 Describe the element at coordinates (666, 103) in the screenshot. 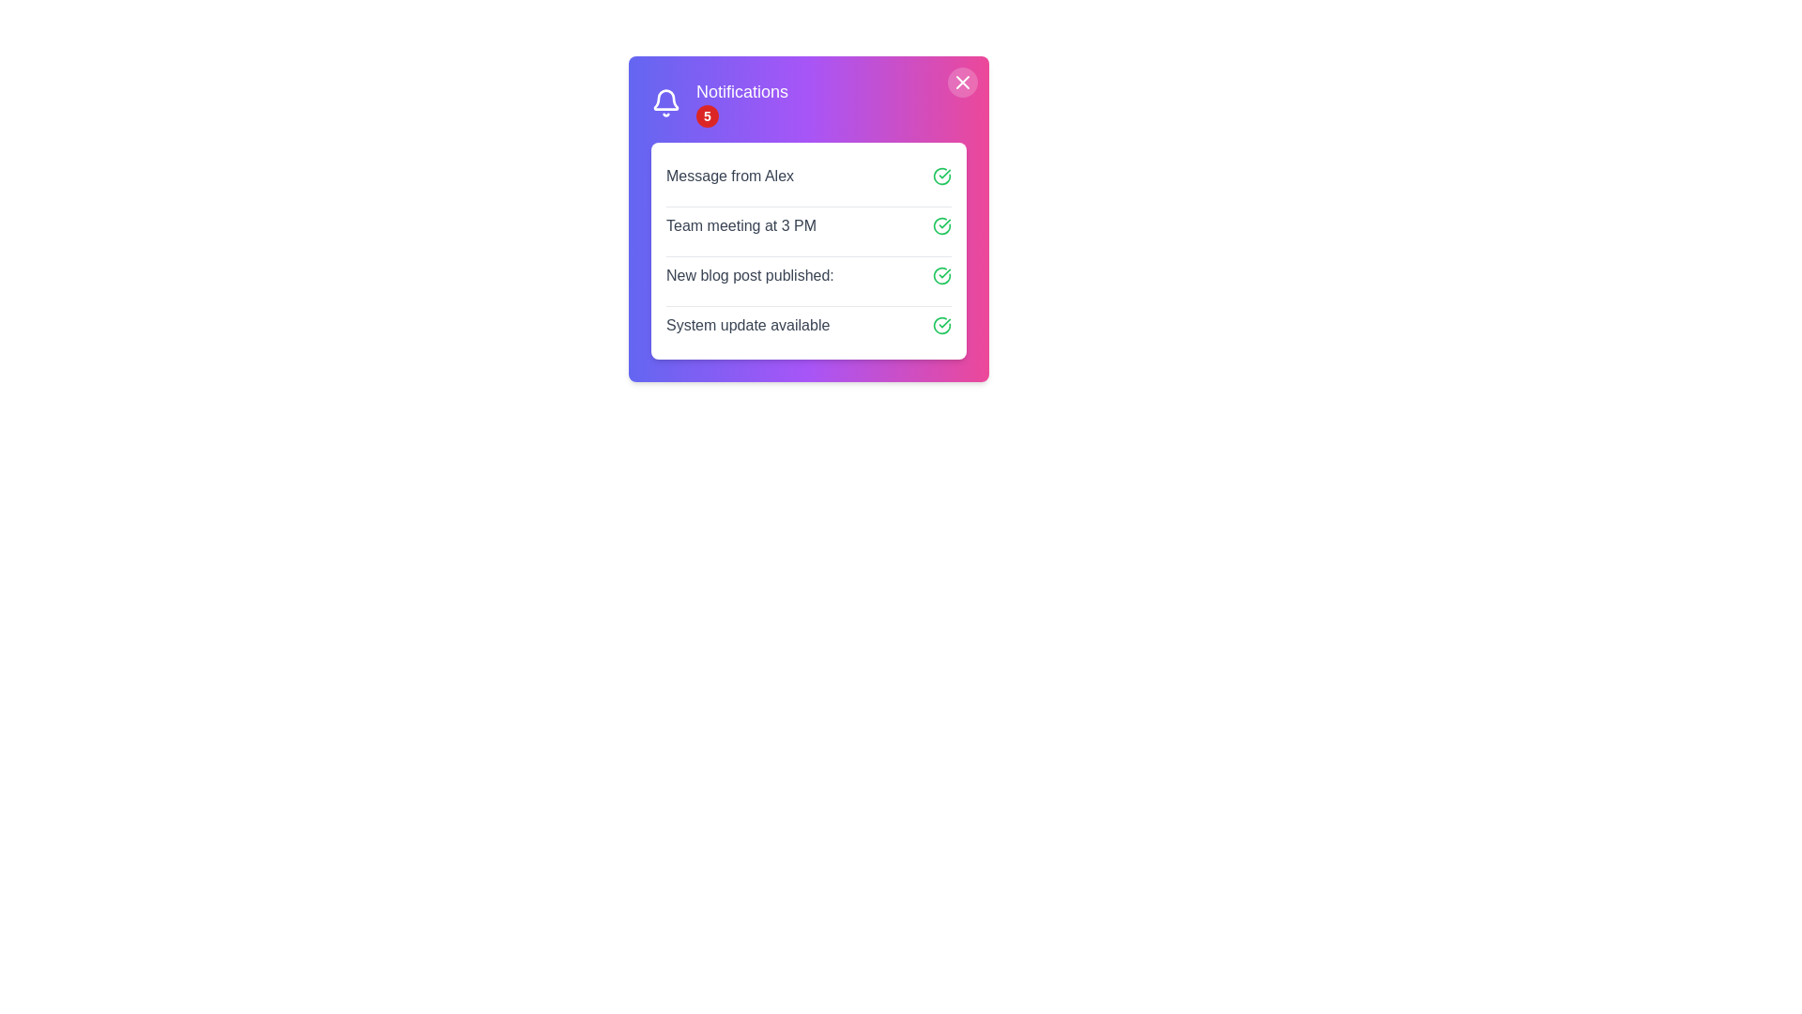

I see `the appearance of the notification bell icon located in the top-left section of the notification panel` at that location.